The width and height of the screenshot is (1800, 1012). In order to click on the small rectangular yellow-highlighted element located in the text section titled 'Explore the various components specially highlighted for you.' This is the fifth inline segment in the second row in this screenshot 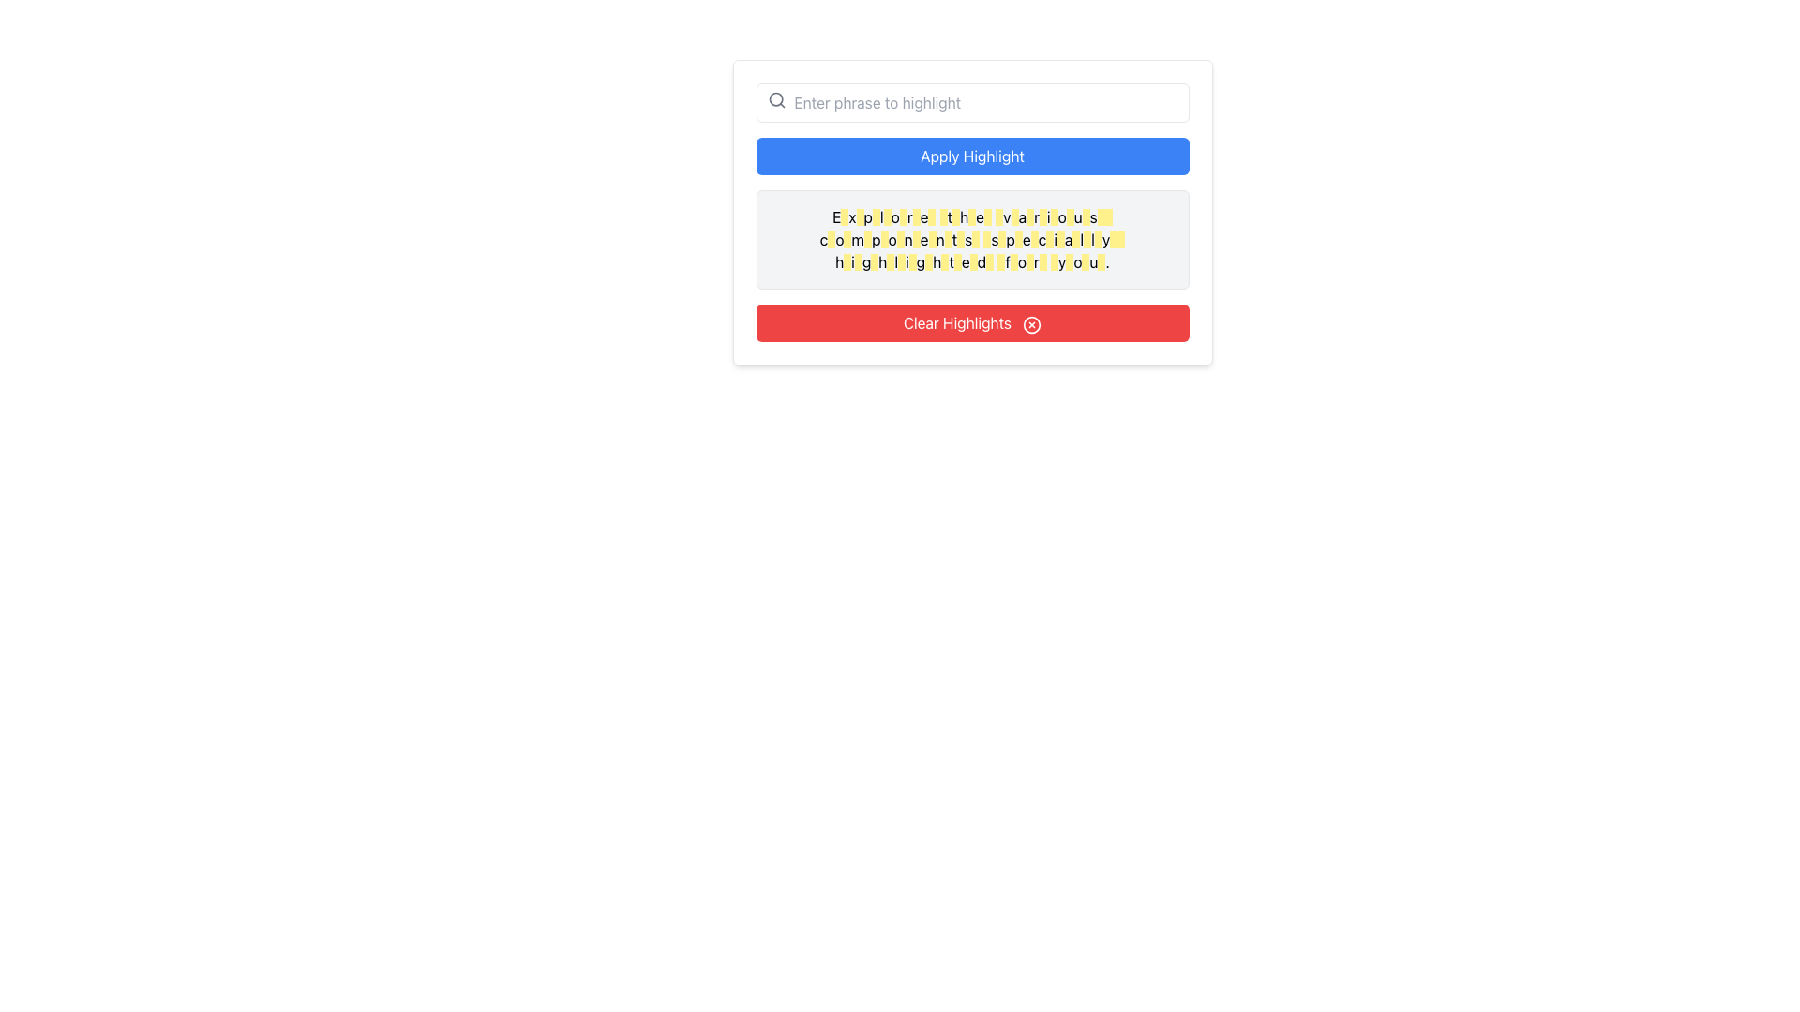, I will do `click(900, 238)`.